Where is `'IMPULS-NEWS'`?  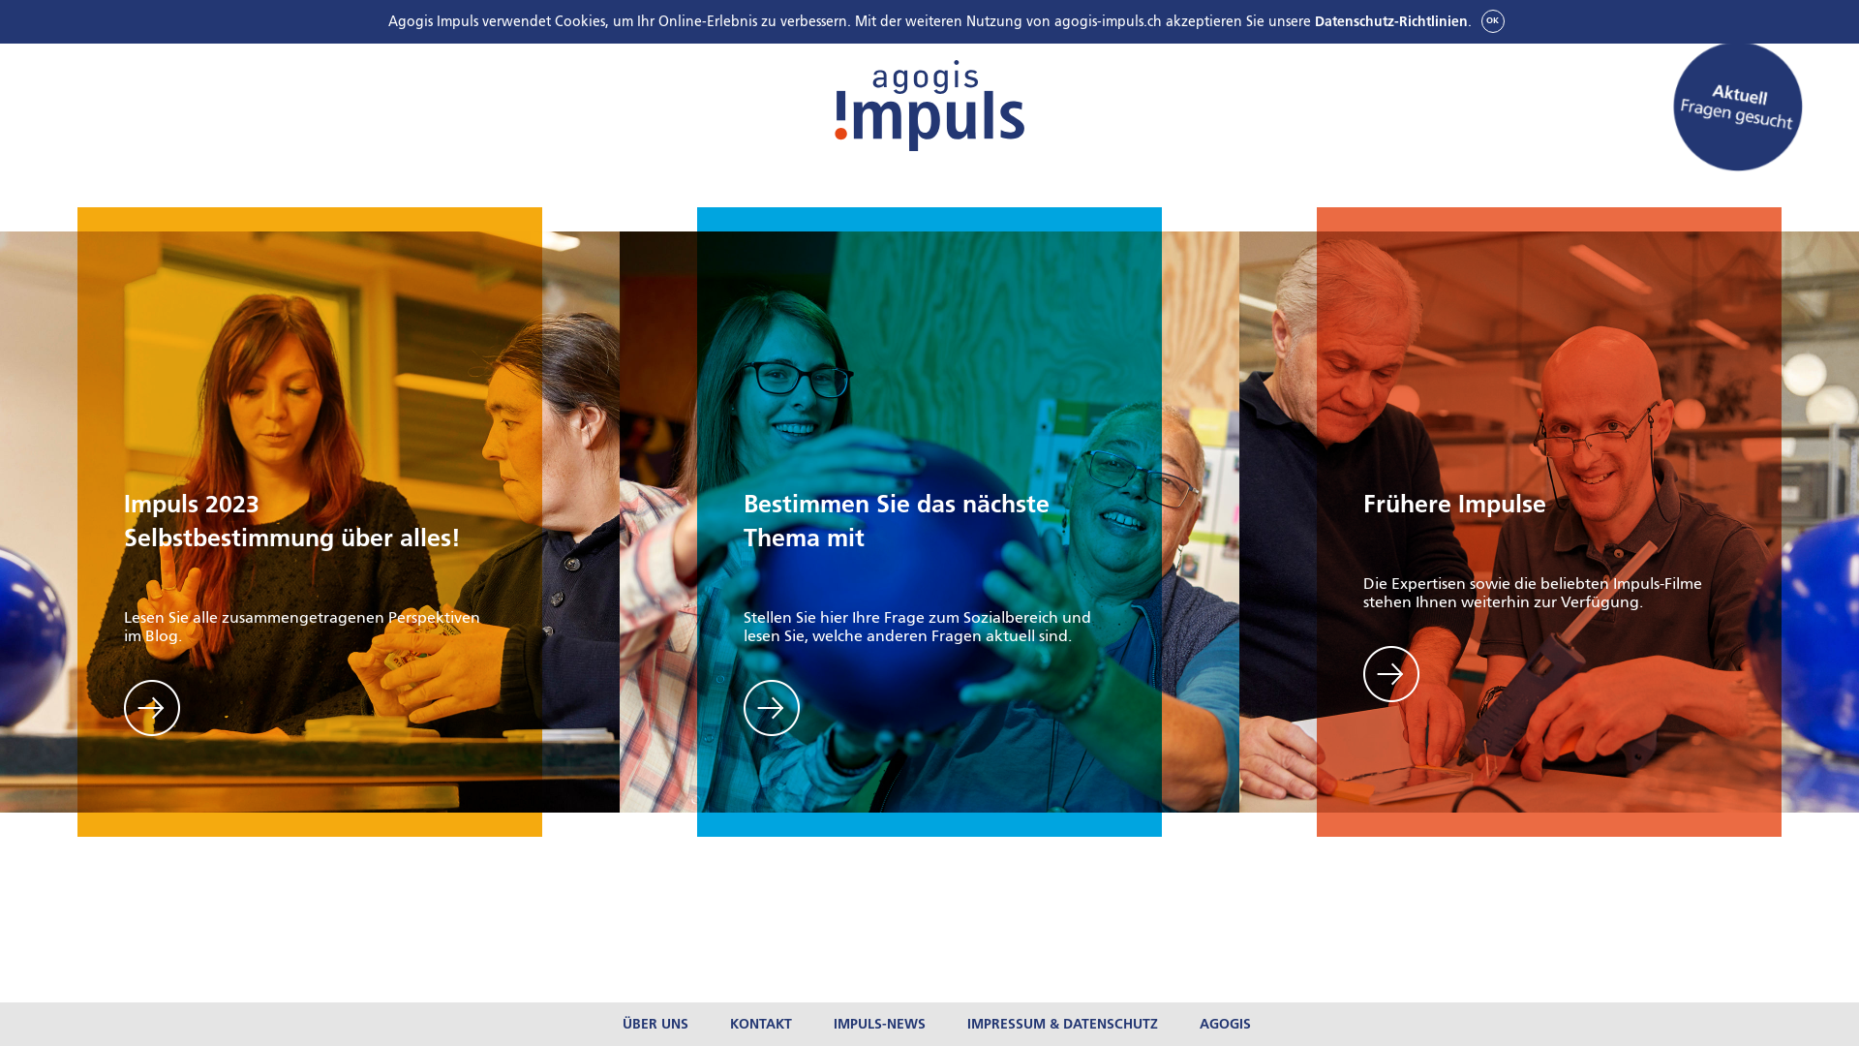
'IMPULS-NEWS' is located at coordinates (878, 1023).